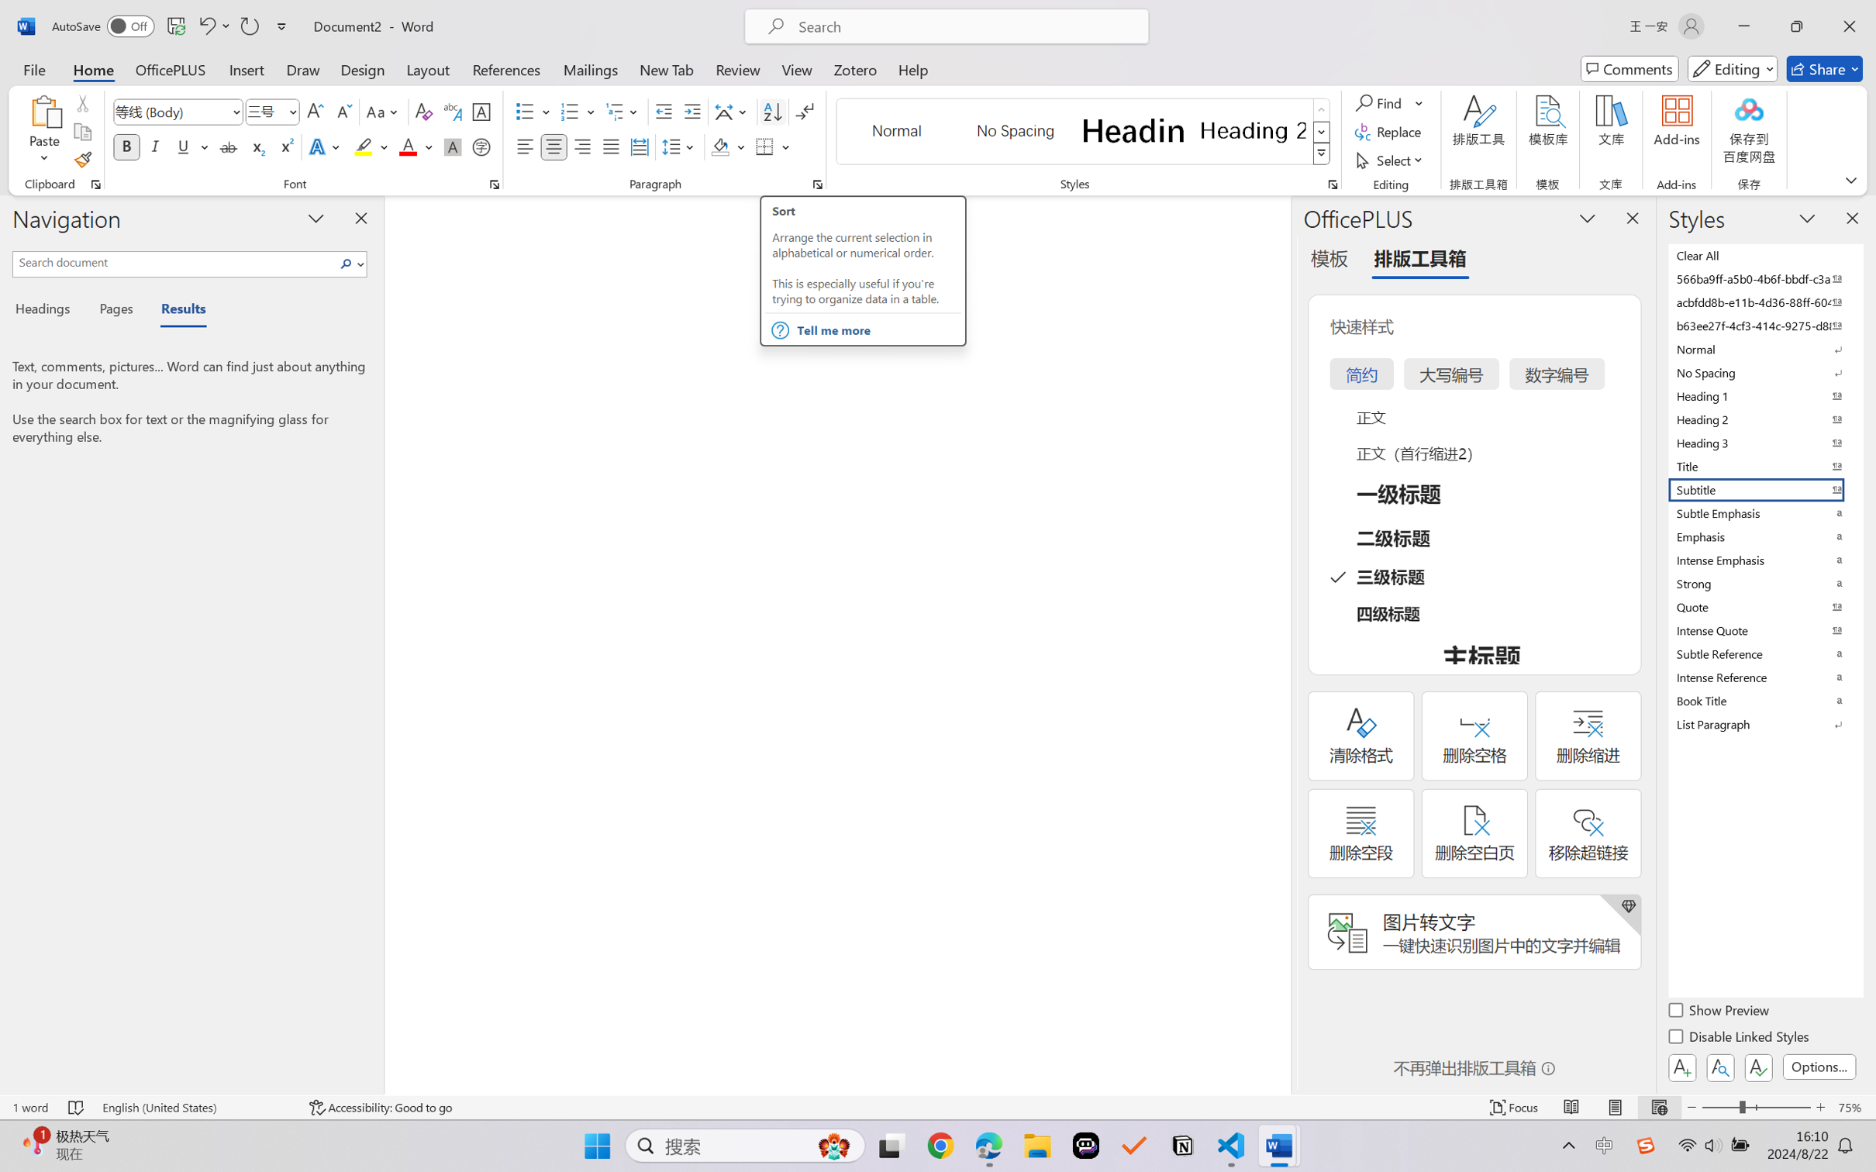 The width and height of the screenshot is (1876, 1172). Describe the element at coordinates (303, 68) in the screenshot. I see `'Draw'` at that location.